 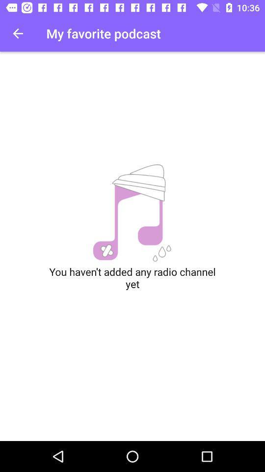 I want to click on the icon at the top left corner, so click(x=18, y=33).